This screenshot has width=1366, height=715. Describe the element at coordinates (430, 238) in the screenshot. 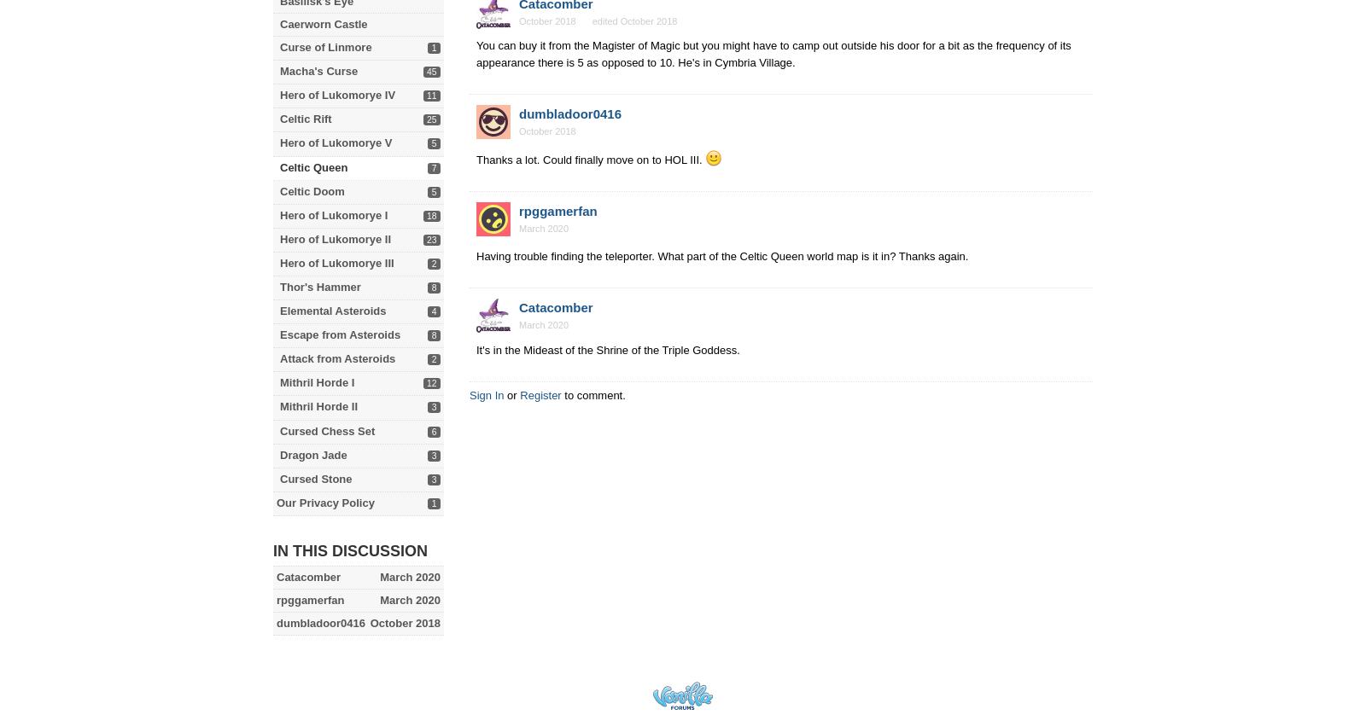

I see `'23'` at that location.